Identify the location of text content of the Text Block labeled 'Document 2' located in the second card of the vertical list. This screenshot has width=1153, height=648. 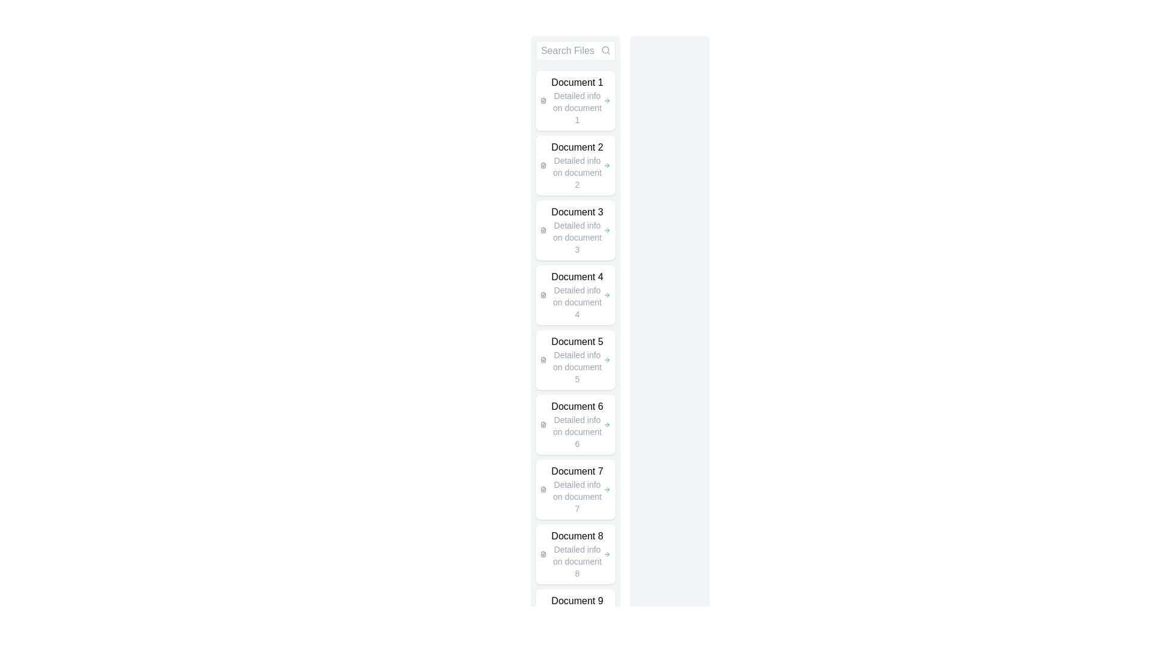
(577, 166).